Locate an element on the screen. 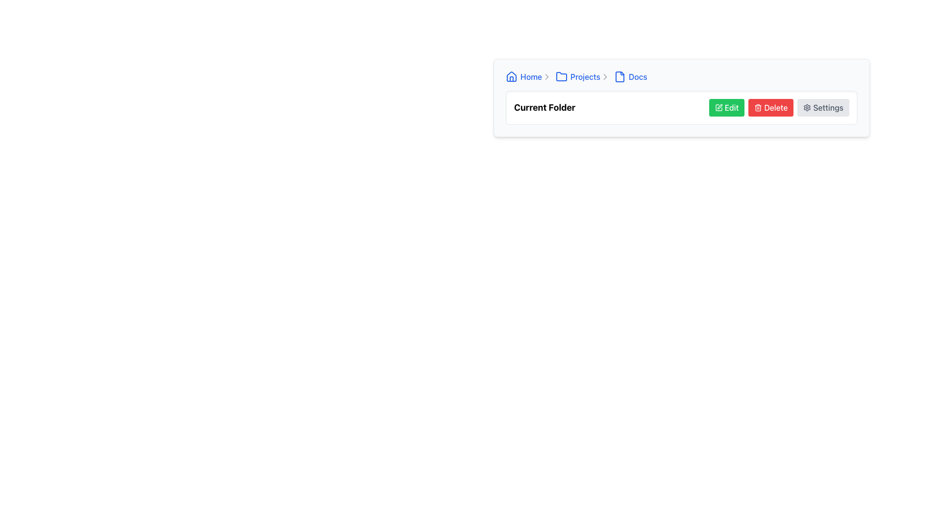 The width and height of the screenshot is (941, 529). the right-pointing chevron arrow icon in the breadcrumb navigation system, positioned between 'Projects' and 'Docs' is located at coordinates (604, 76).